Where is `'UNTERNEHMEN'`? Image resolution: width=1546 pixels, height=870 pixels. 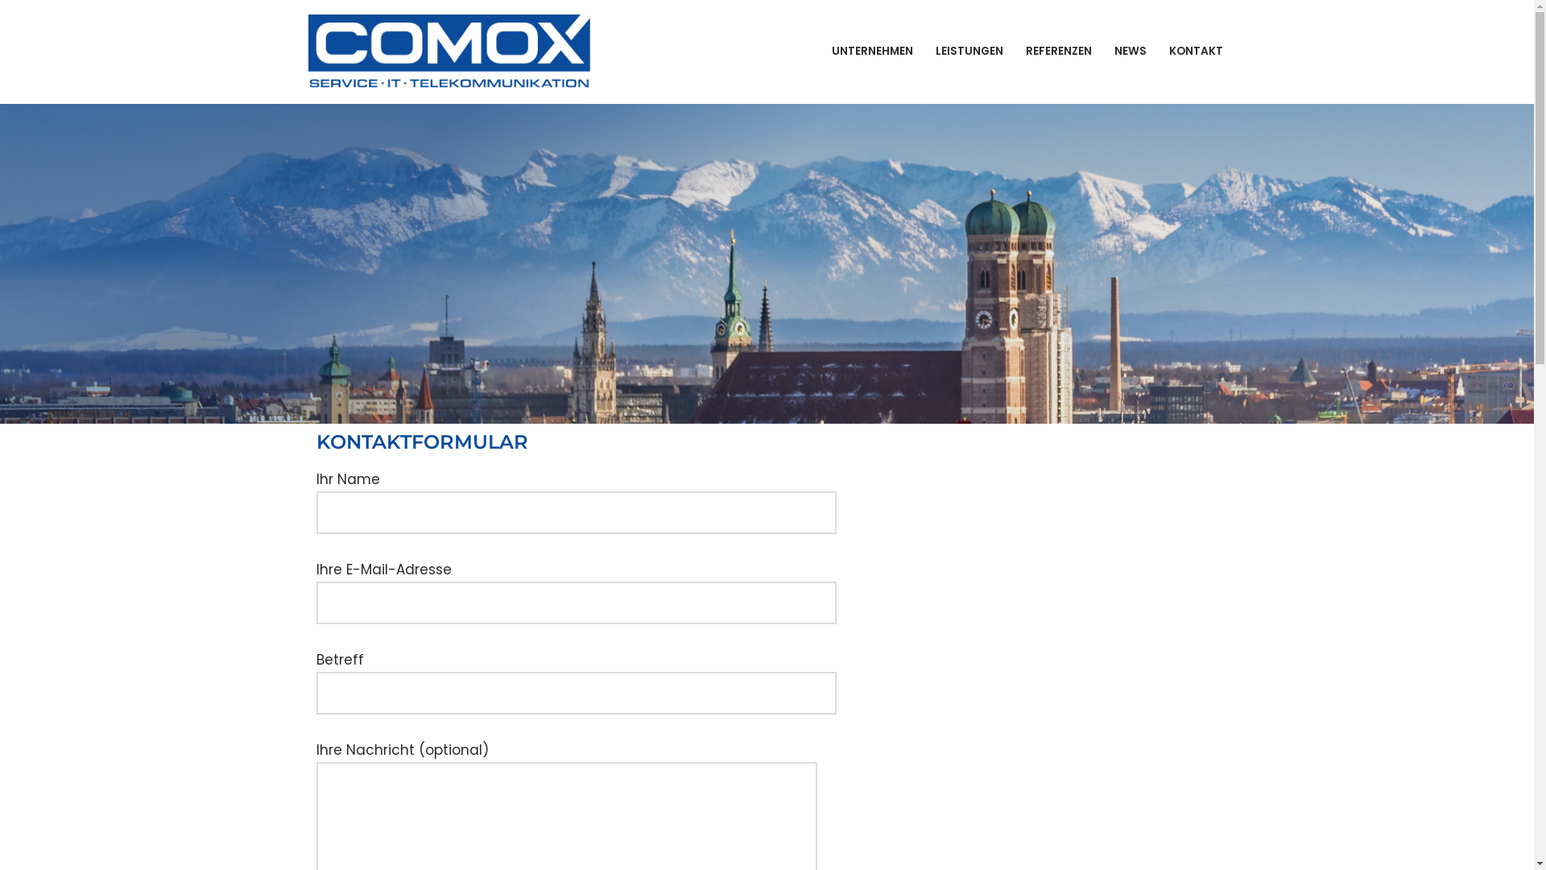
'UNTERNEHMEN' is located at coordinates (870, 50).